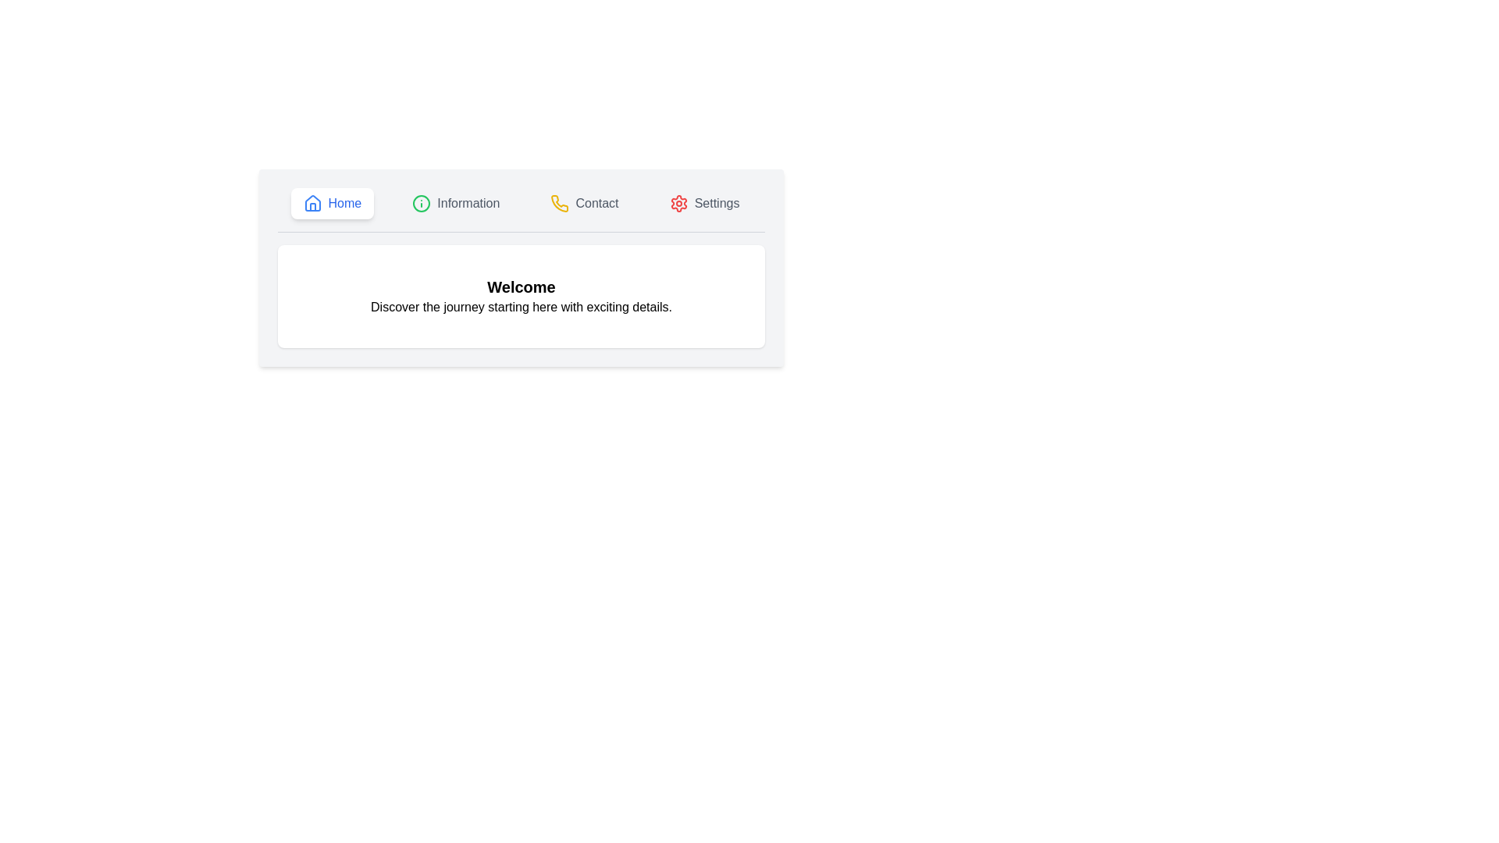  I want to click on the information icon located in the navigation bar, positioned between the 'Home' button and the text 'Information', so click(422, 203).